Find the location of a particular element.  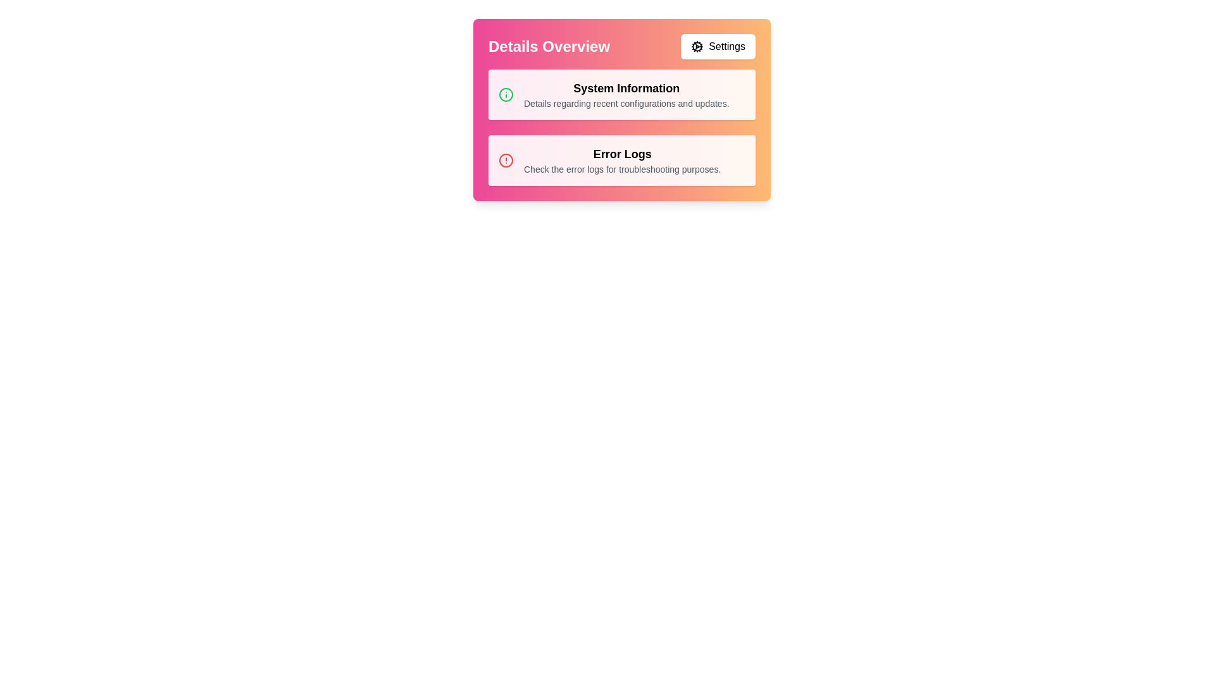

the vertically arranged information list in the 'Details Overview' section, which includes 'System Information' with a green icon and 'Error Logs' with a red icon, visually distinct with a pink background bar is located at coordinates (622, 127).